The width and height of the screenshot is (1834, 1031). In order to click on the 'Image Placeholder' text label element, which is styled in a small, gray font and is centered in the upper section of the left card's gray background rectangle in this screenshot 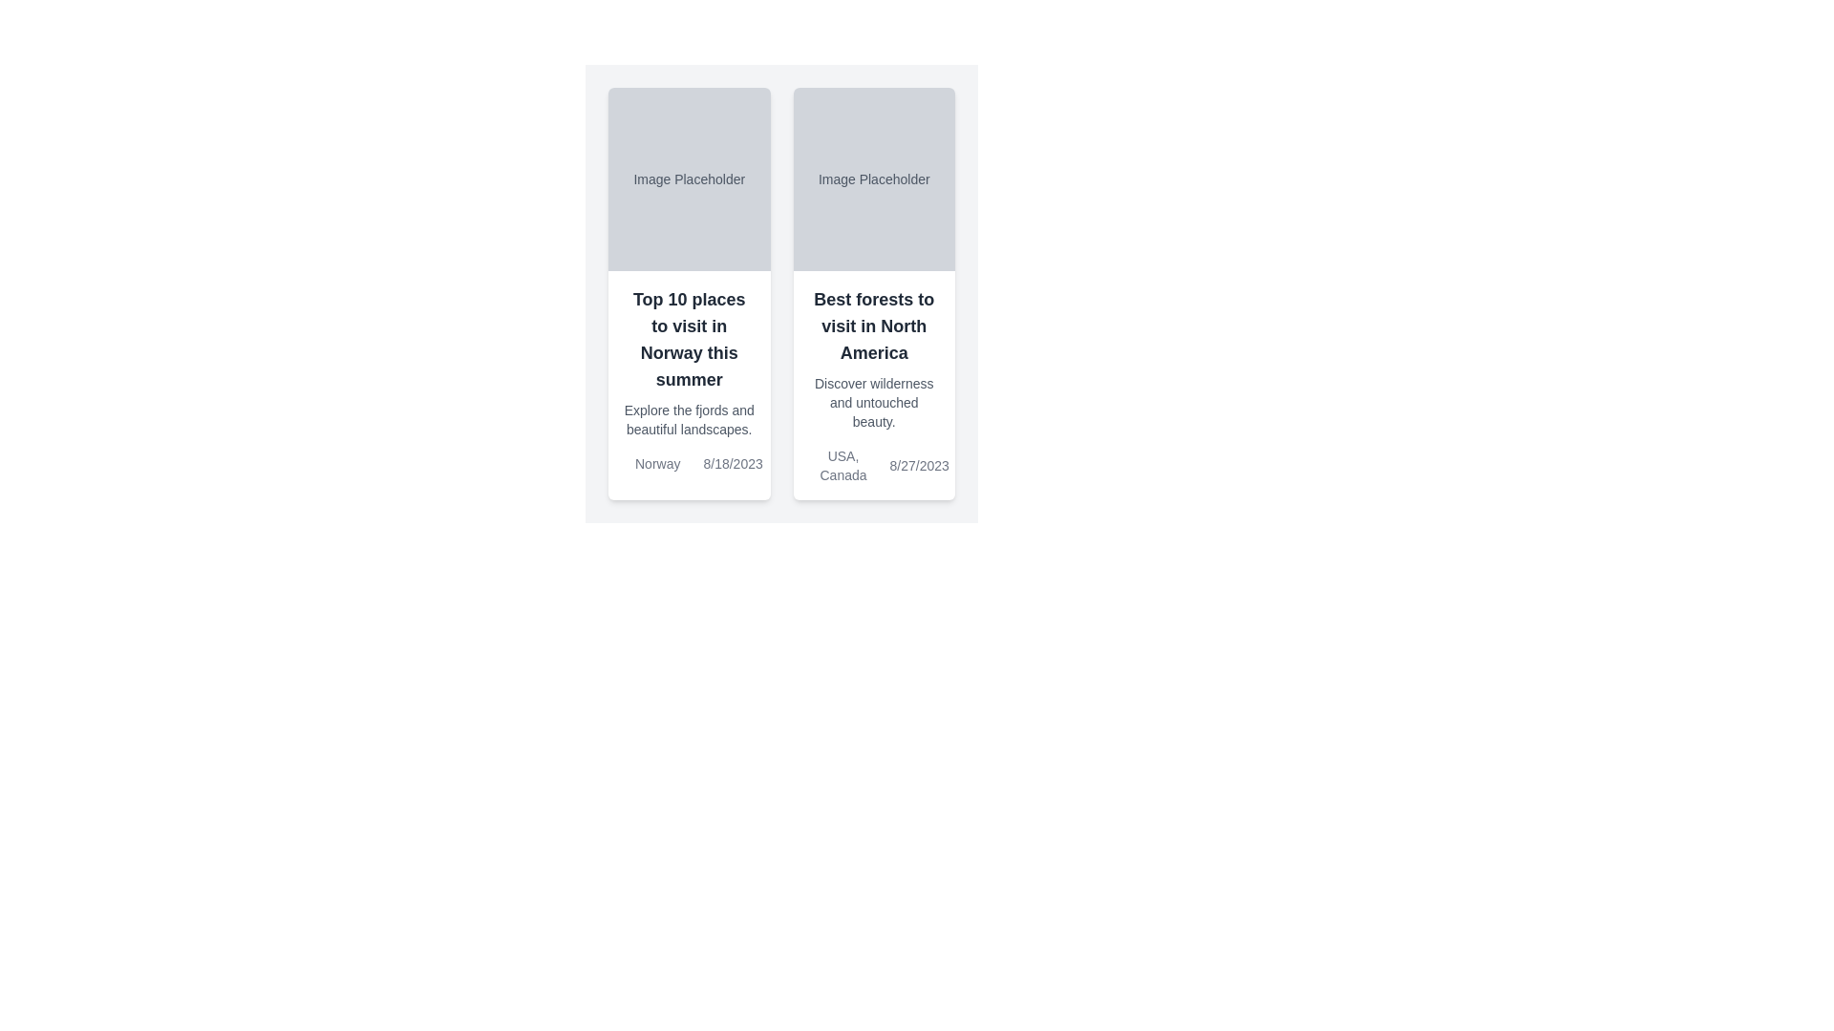, I will do `click(688, 179)`.